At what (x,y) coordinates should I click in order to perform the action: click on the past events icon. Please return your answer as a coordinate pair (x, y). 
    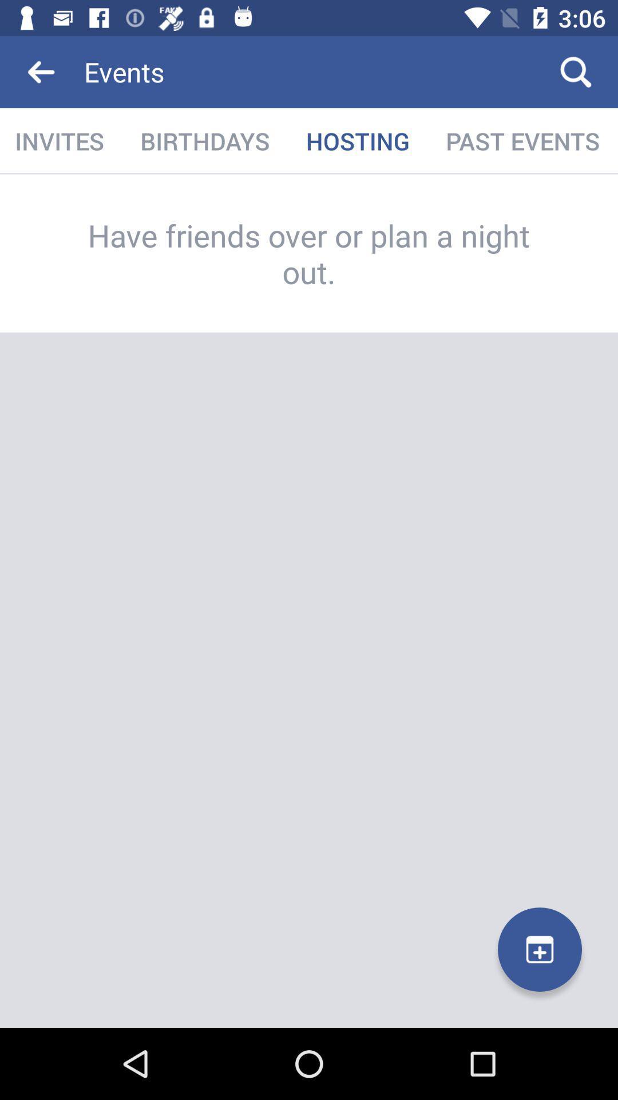
    Looking at the image, I should click on (522, 140).